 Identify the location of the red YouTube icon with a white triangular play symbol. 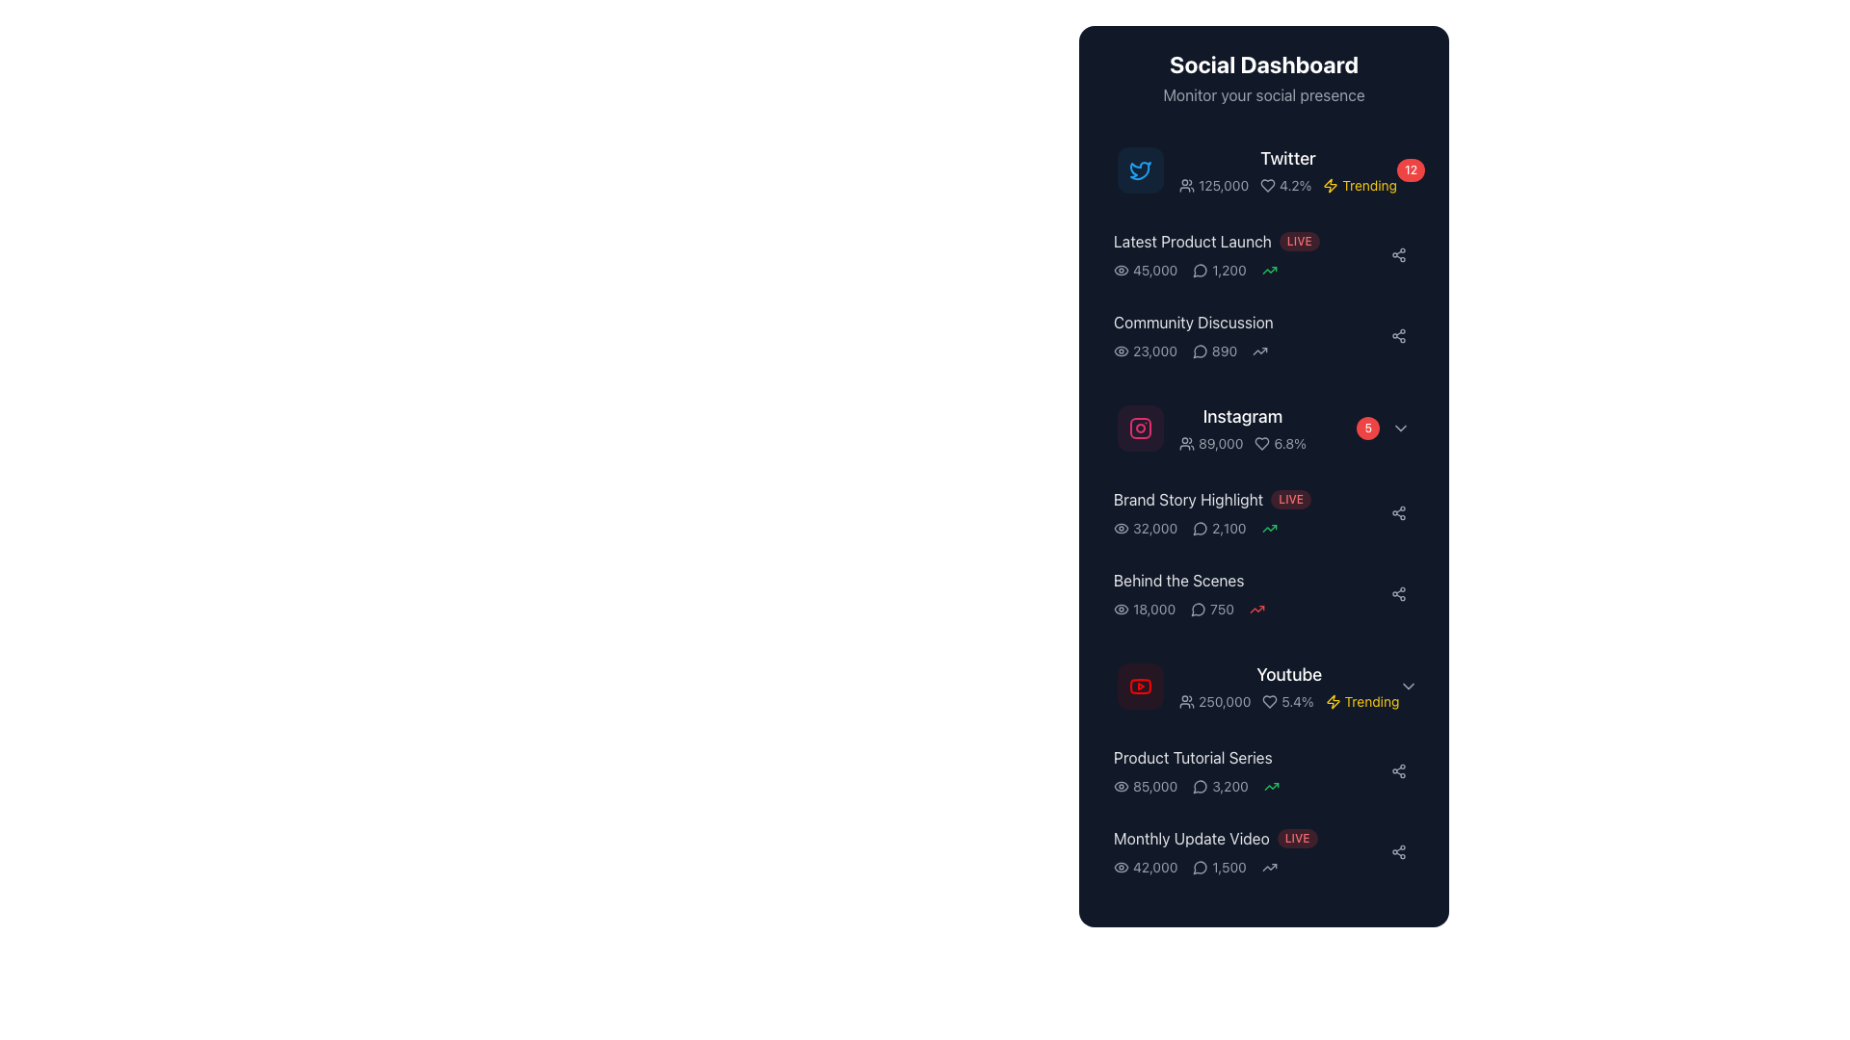
(1141, 686).